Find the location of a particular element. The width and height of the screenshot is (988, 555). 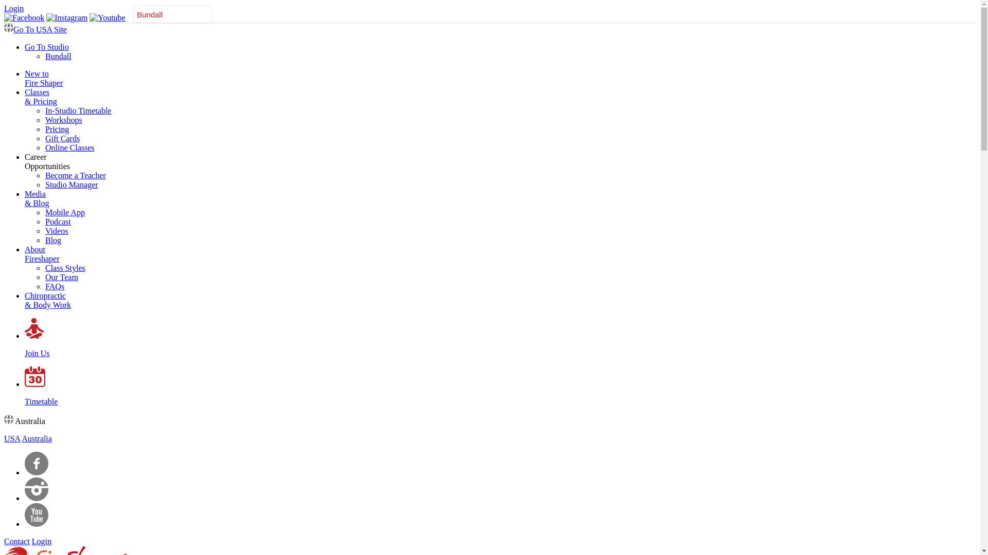

'New to is located at coordinates (25, 78).